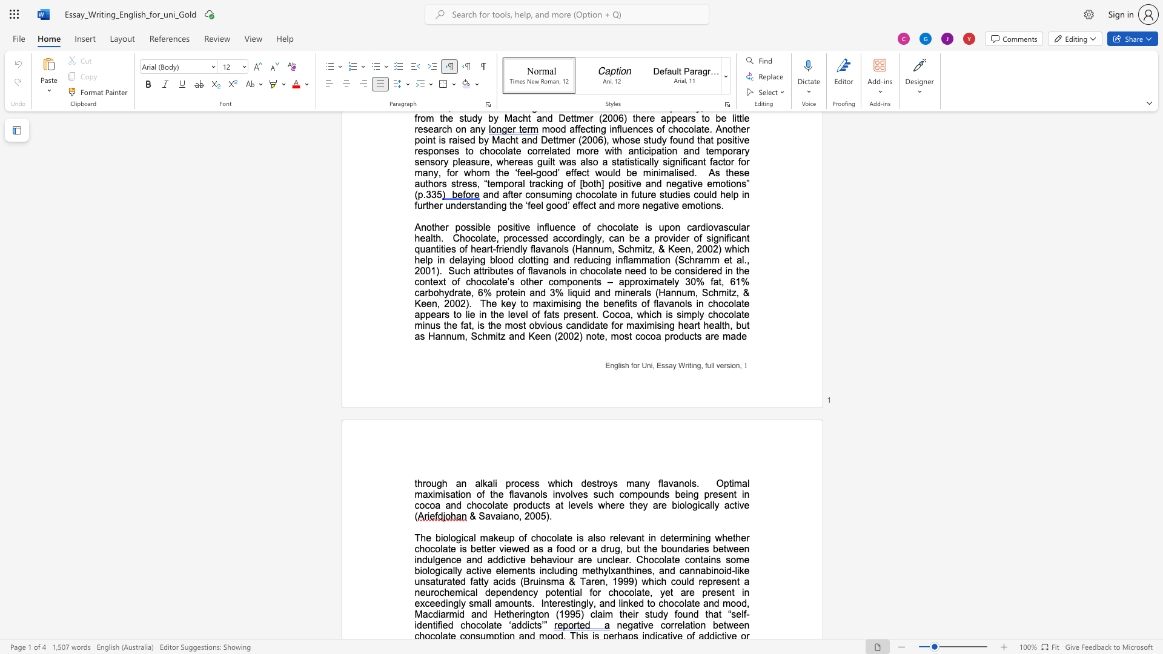 Image resolution: width=1163 pixels, height=654 pixels. Describe the element at coordinates (425, 560) in the screenshot. I see `the 5th character "d" in the text` at that location.